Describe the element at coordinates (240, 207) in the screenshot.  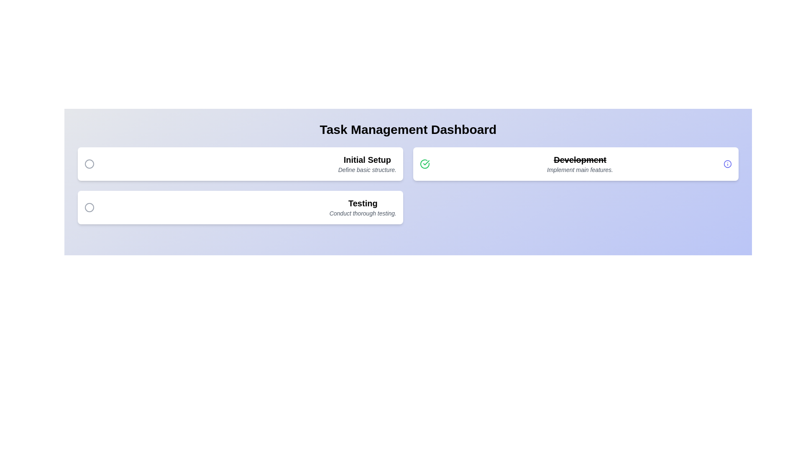
I see `the interactive task item Testing to observe the hover effect` at that location.